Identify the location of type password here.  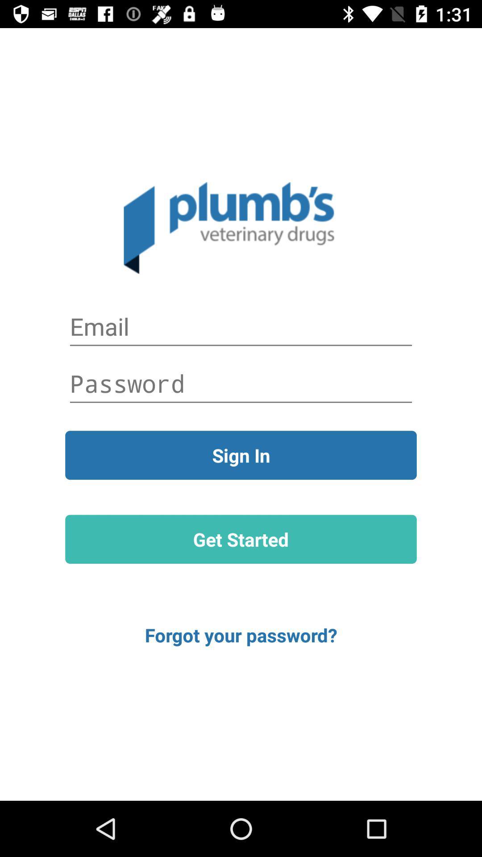
(241, 383).